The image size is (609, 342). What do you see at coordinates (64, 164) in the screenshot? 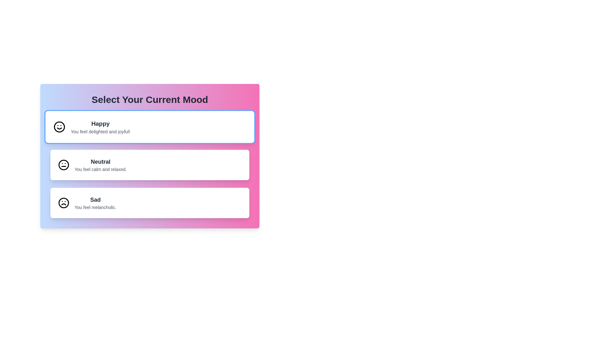
I see `the 'Neutral' icon, which is located in the second row of options next to the text 'Neutral'` at bounding box center [64, 164].